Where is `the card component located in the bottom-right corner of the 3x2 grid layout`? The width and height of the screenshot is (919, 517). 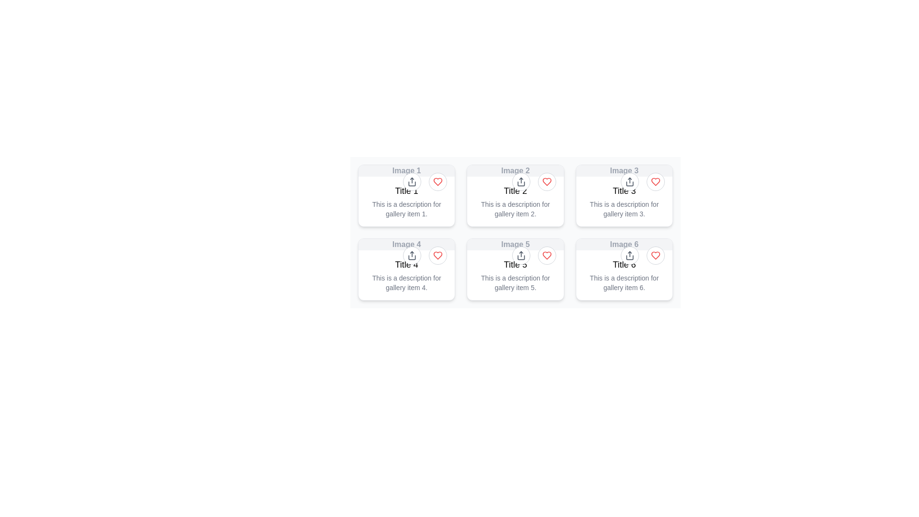
the card component located in the bottom-right corner of the 3x2 grid layout is located at coordinates (624, 270).